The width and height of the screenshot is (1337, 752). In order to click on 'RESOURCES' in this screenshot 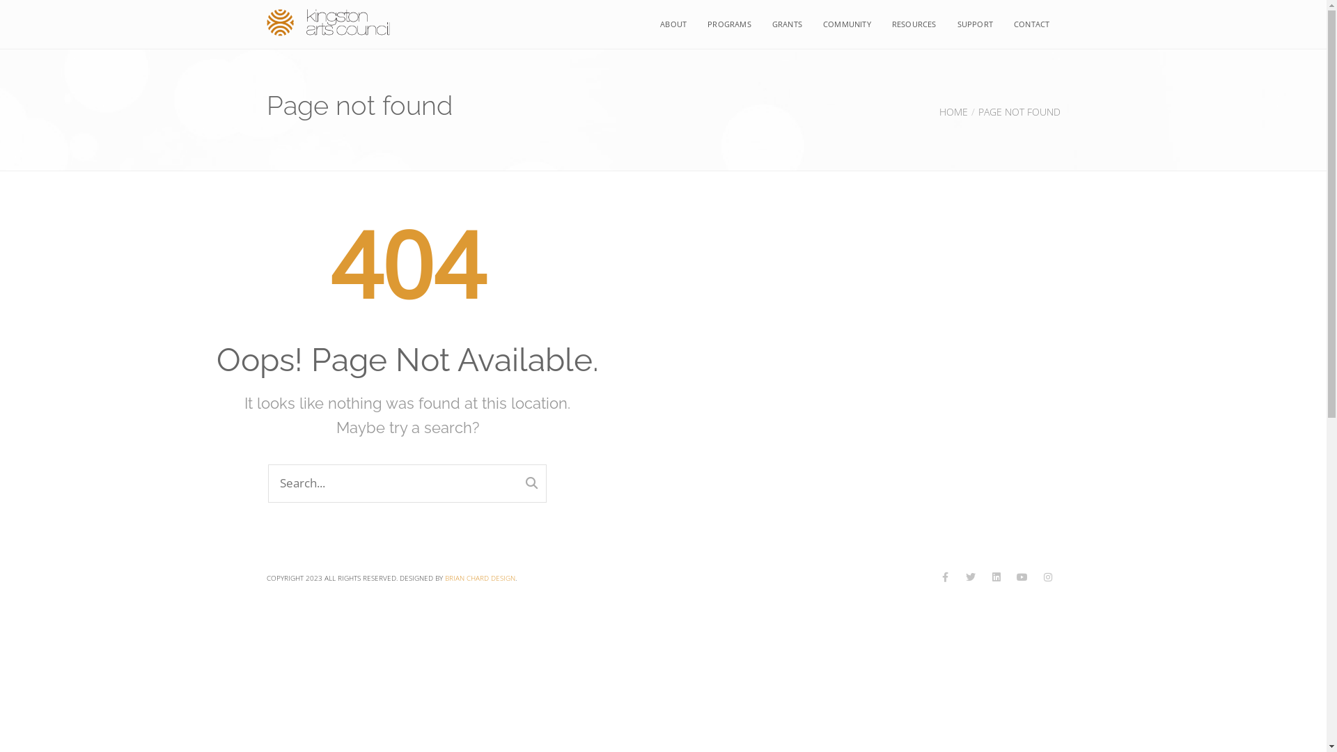, I will do `click(914, 24)`.